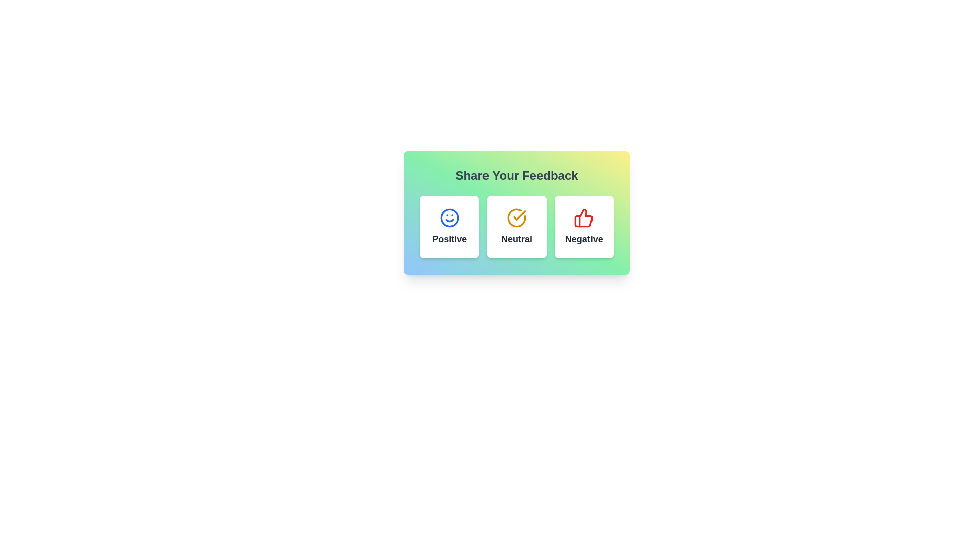 The image size is (969, 545). What do you see at coordinates (516, 217) in the screenshot?
I see `the circular yellow icon with a check mark inside, located at the center of the 'Neutral' feedback card, just above the 'Neutral' label` at bounding box center [516, 217].